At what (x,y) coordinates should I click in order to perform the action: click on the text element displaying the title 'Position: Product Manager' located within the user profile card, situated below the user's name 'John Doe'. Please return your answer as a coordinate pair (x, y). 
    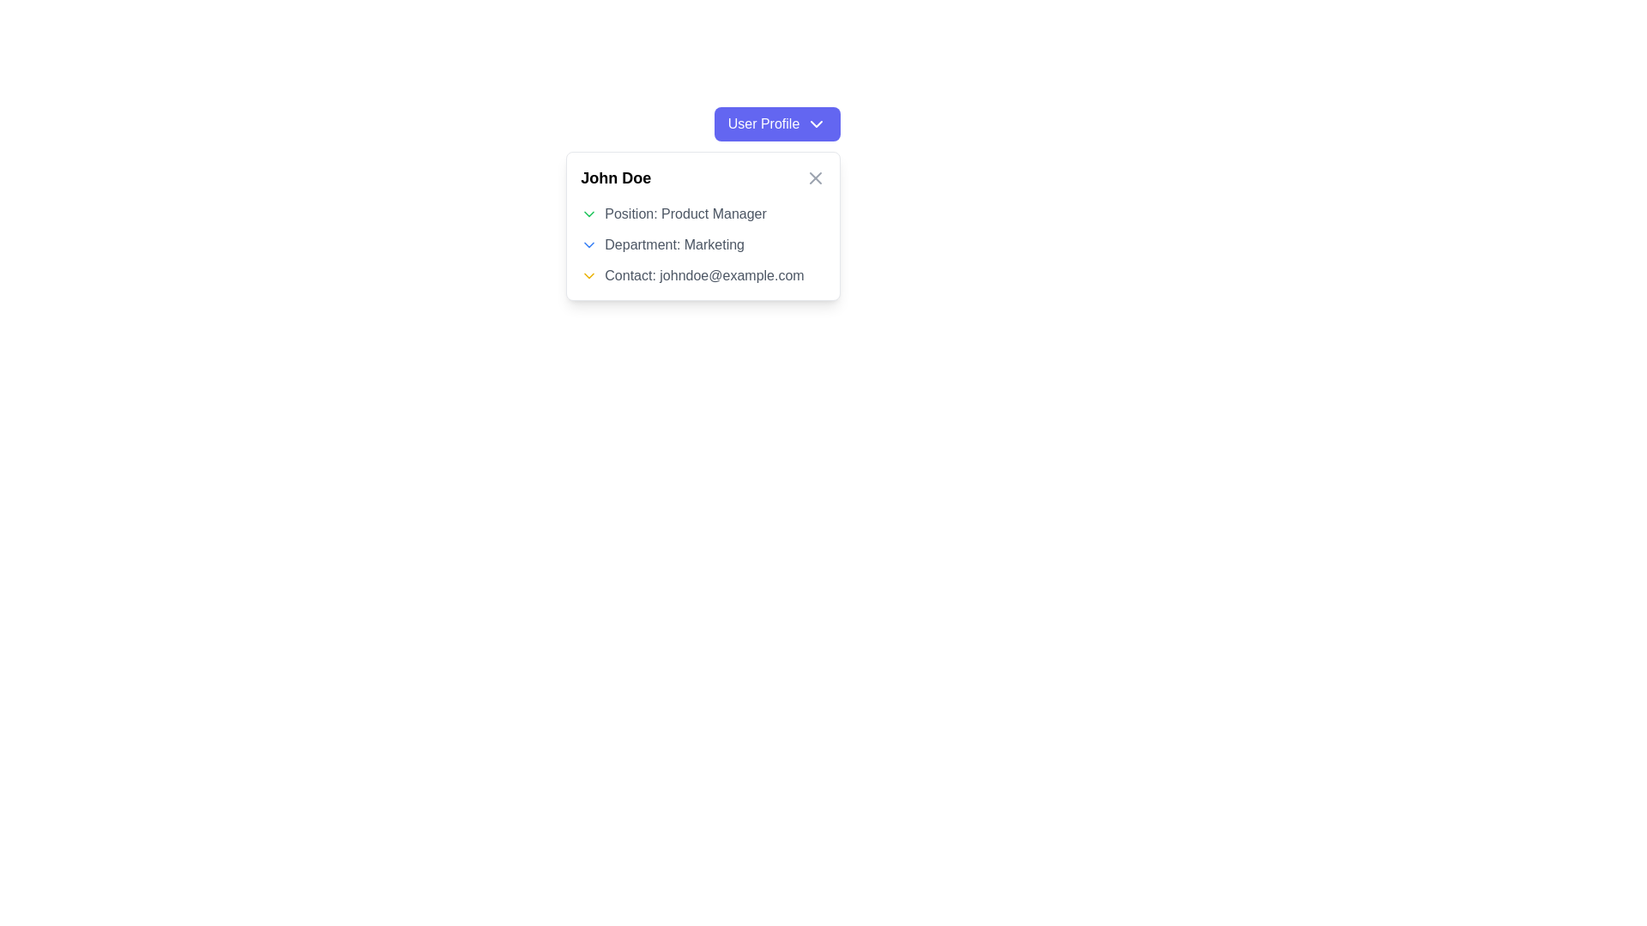
    Looking at the image, I should click on (685, 213).